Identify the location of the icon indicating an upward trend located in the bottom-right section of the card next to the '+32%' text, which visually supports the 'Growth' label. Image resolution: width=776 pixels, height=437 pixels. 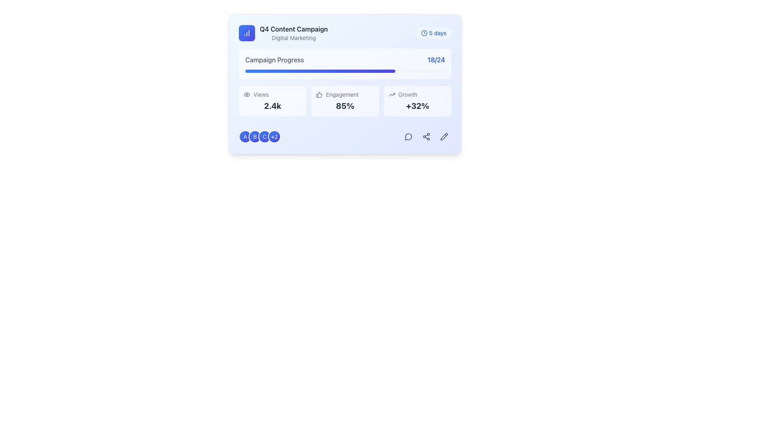
(392, 94).